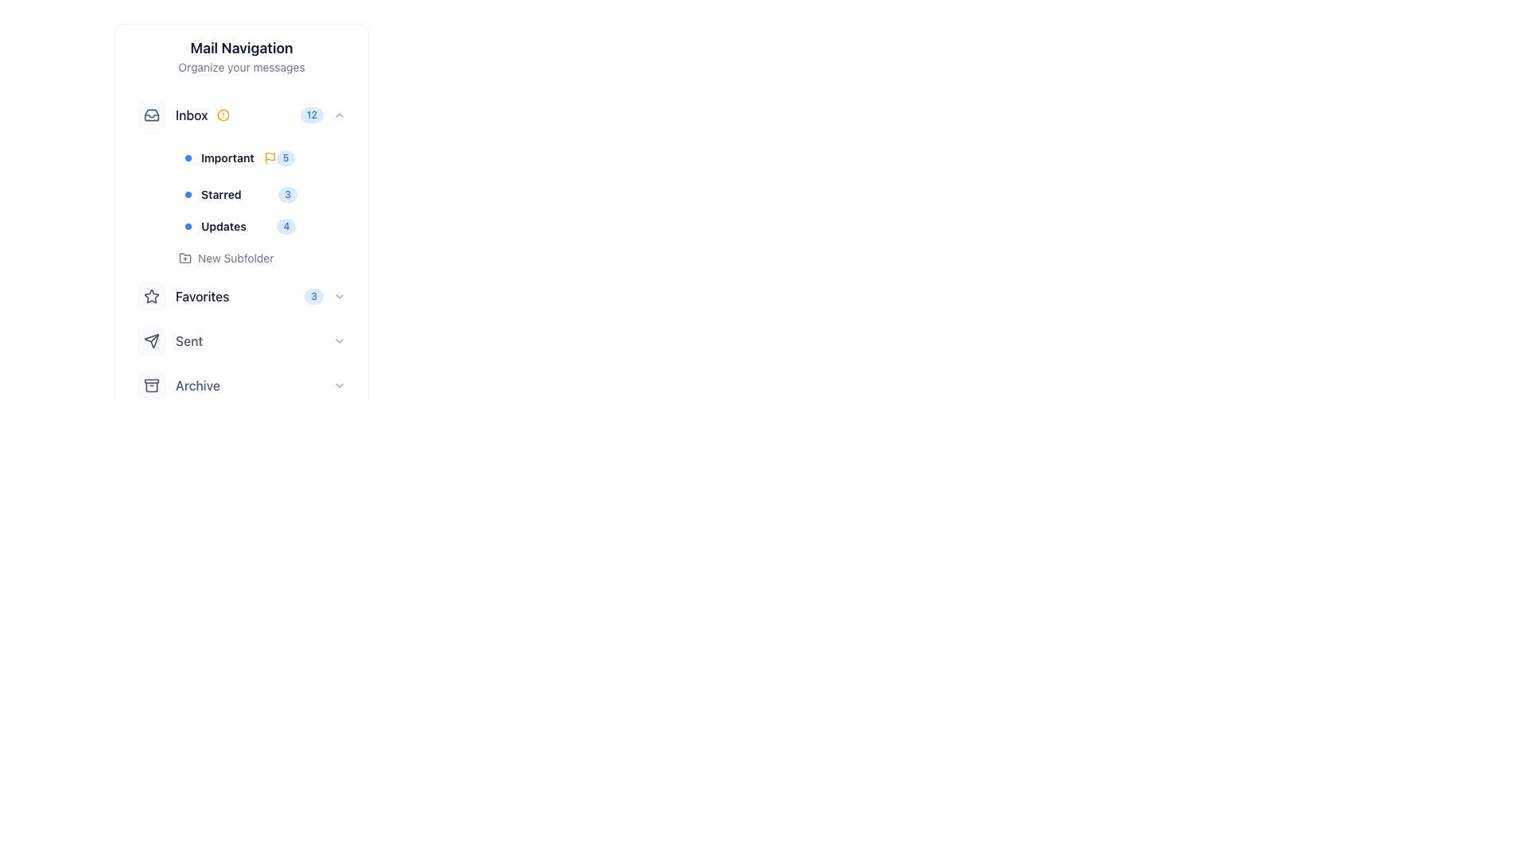 This screenshot has height=859, width=1527. I want to click on the 'Inbox' icon within the mail navigation system by interacting with the element that is positioned in the upper-left of the interface adjacent to the 'Inbox' label, so click(152, 115).